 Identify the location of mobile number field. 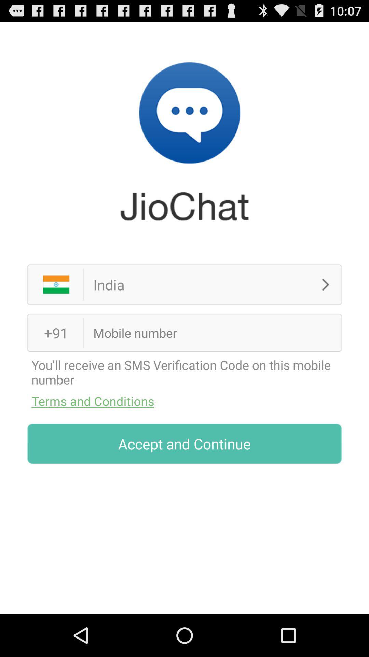
(202, 333).